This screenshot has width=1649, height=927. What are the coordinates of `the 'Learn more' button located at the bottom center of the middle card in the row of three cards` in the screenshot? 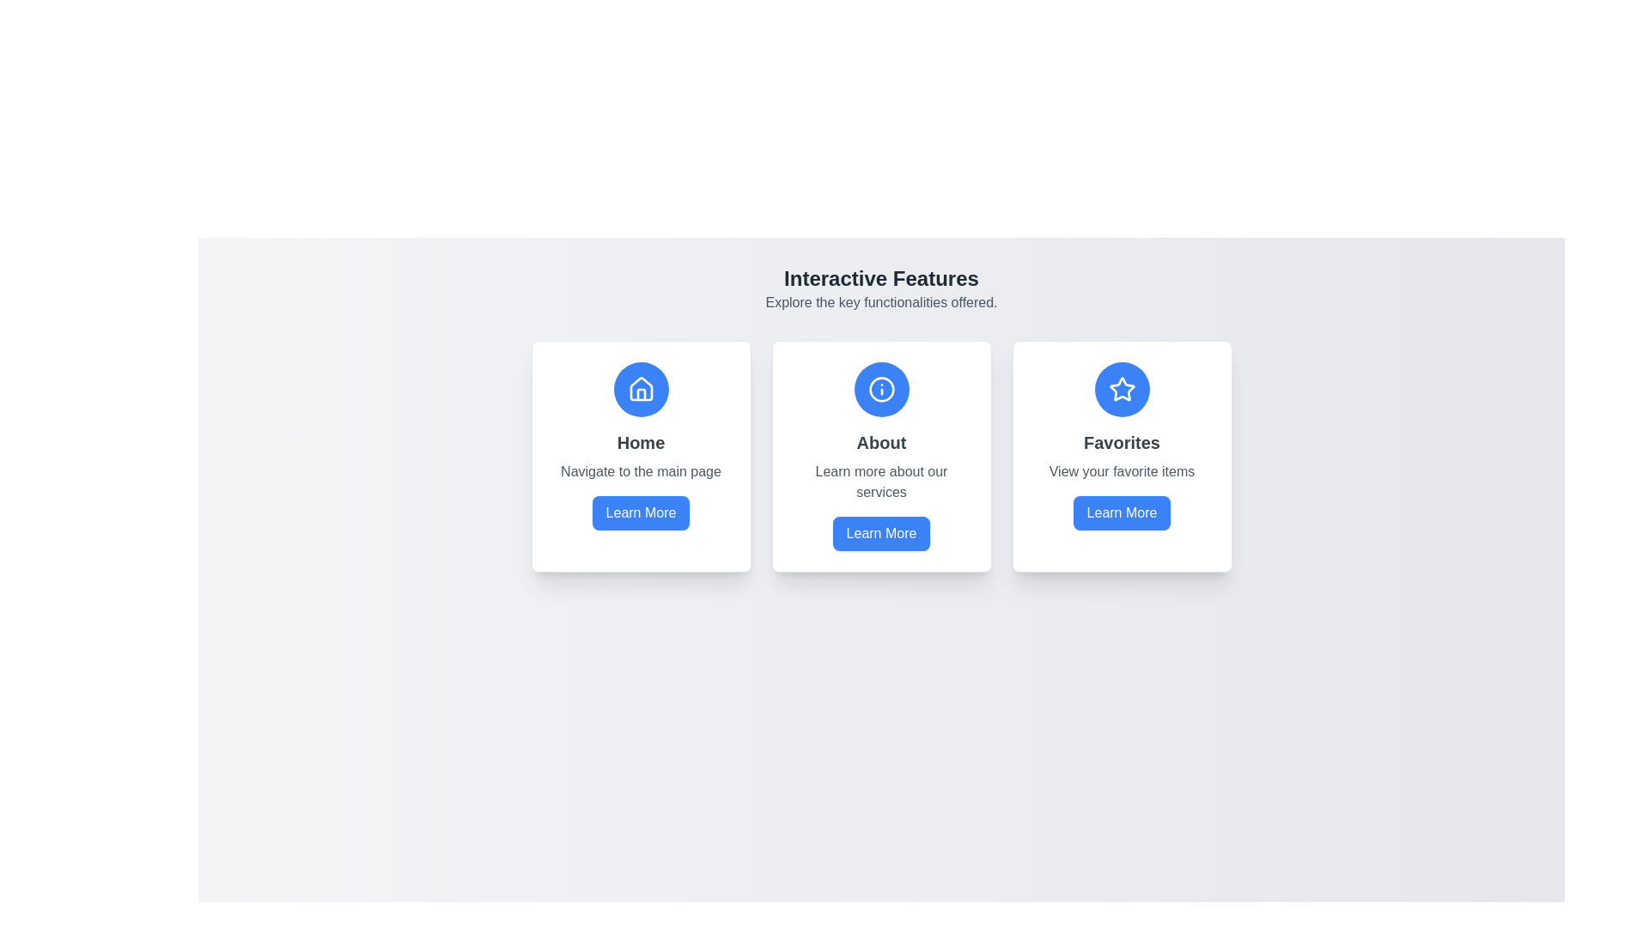 It's located at (881, 532).